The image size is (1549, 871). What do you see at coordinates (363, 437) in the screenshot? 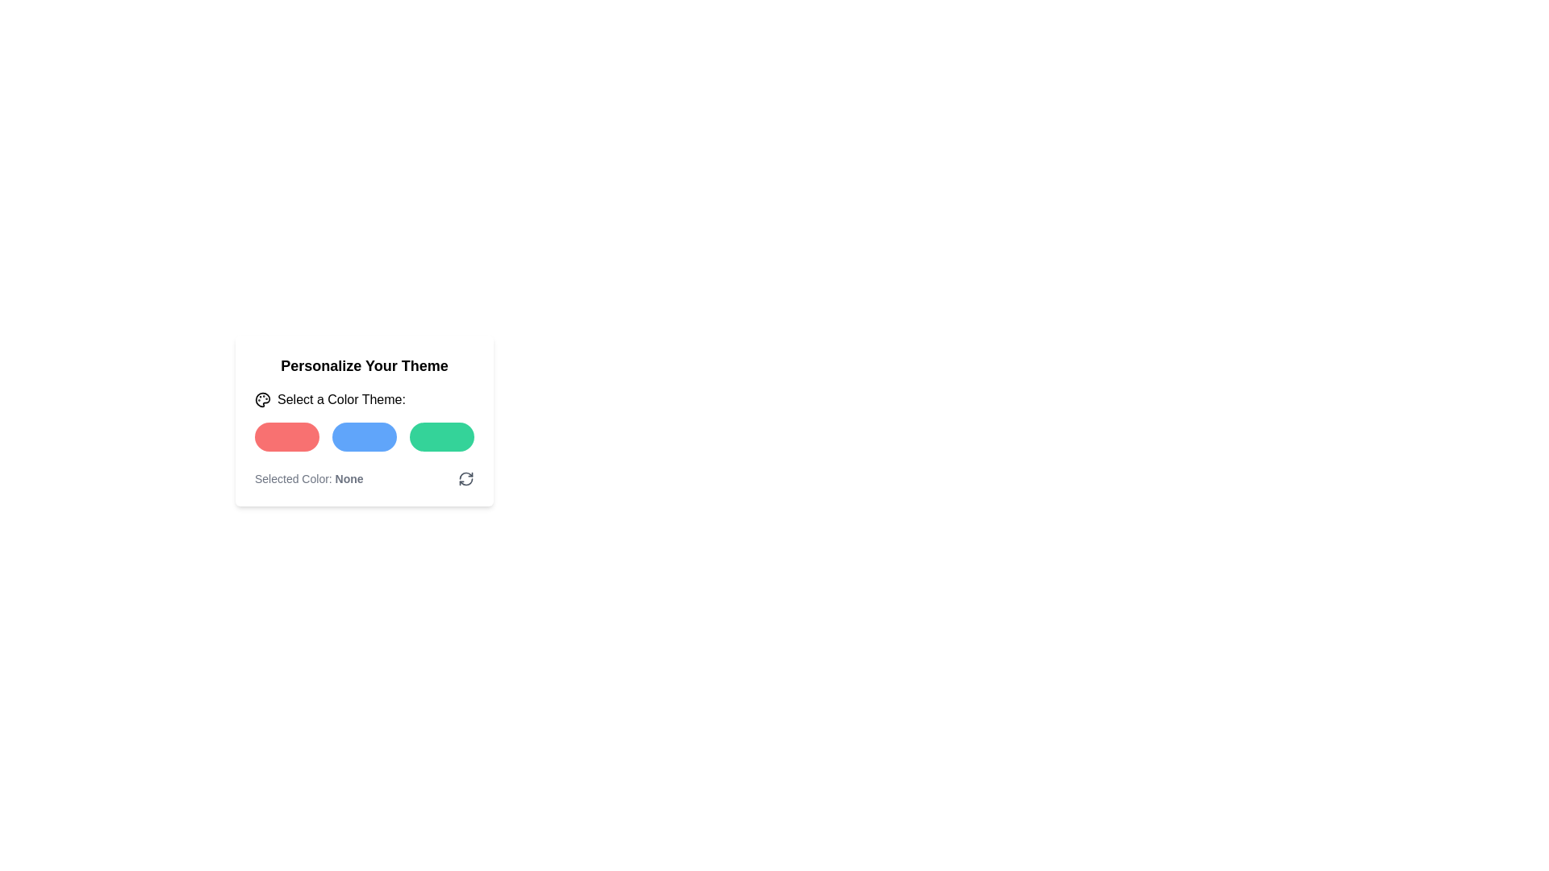
I see `the circular blue button located at the bottom-center of the interface section` at bounding box center [363, 437].